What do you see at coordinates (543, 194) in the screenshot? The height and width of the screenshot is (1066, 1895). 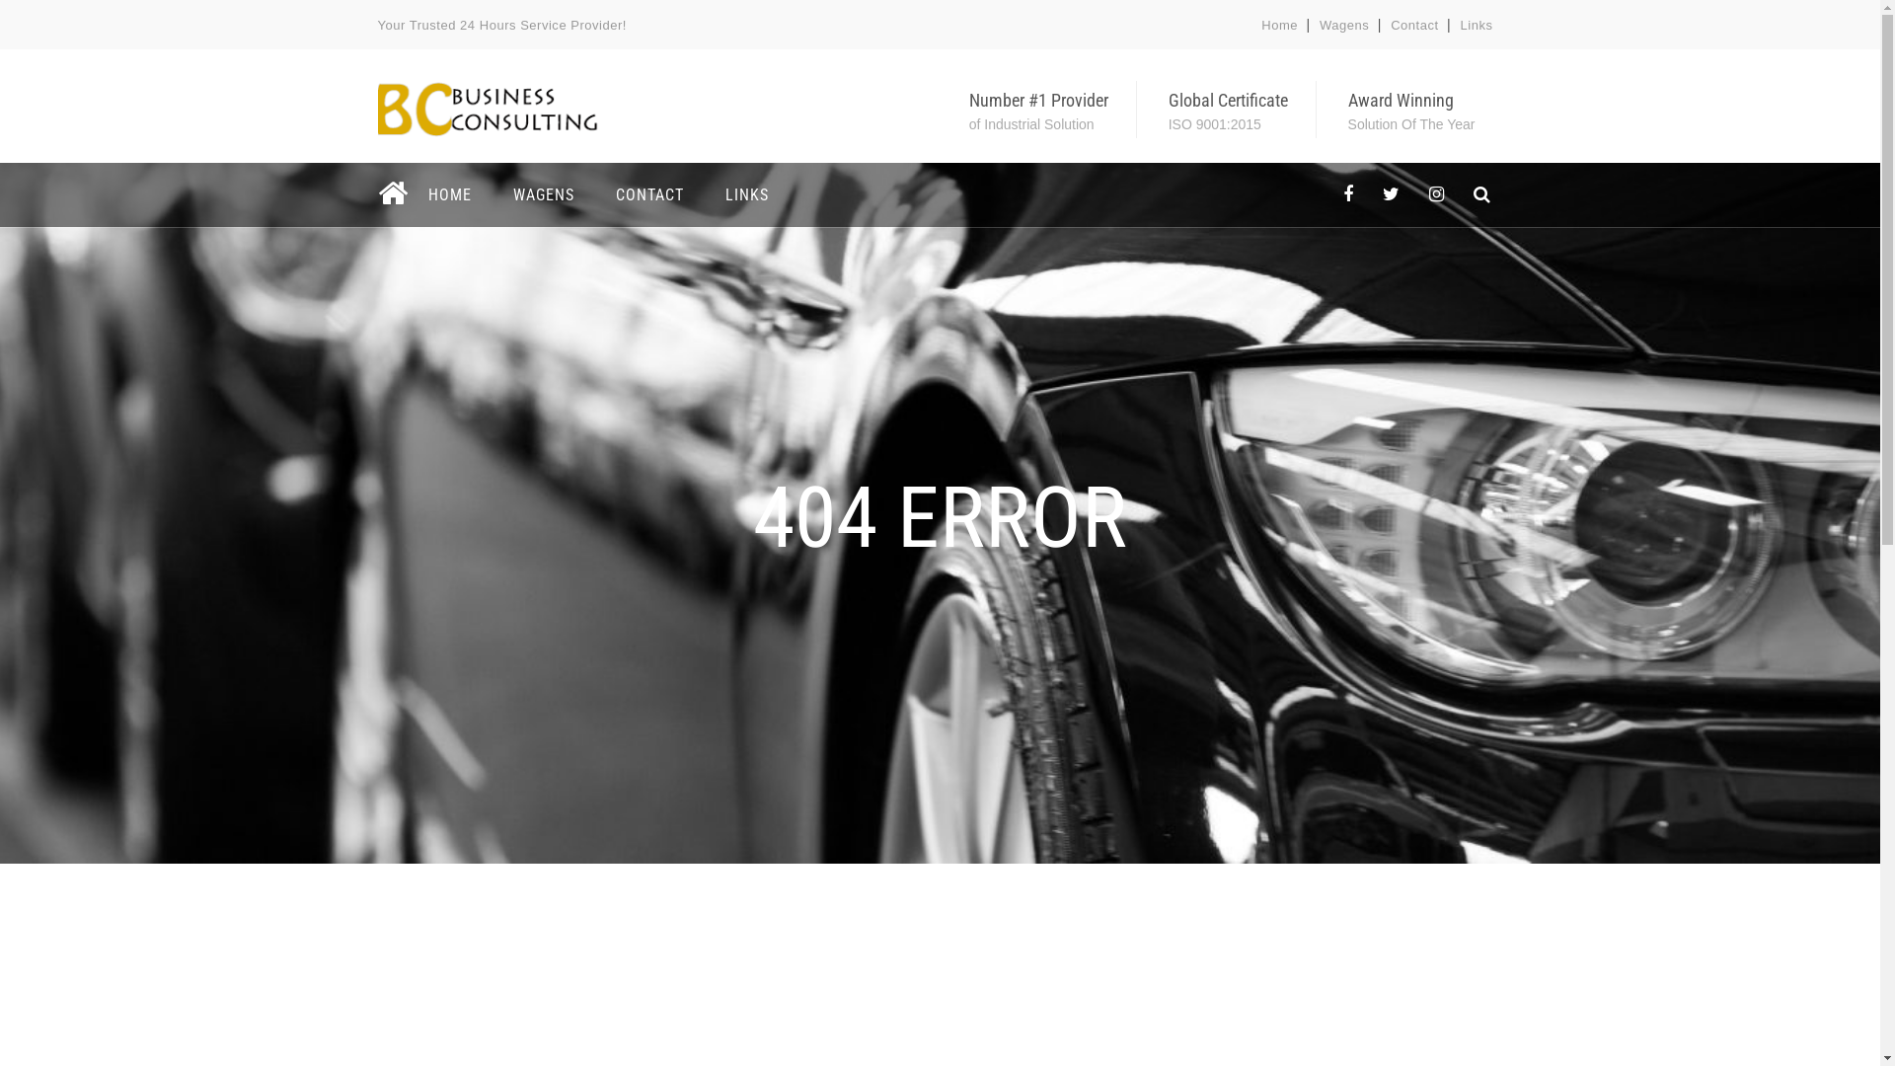 I see `'WAGENS'` at bounding box center [543, 194].